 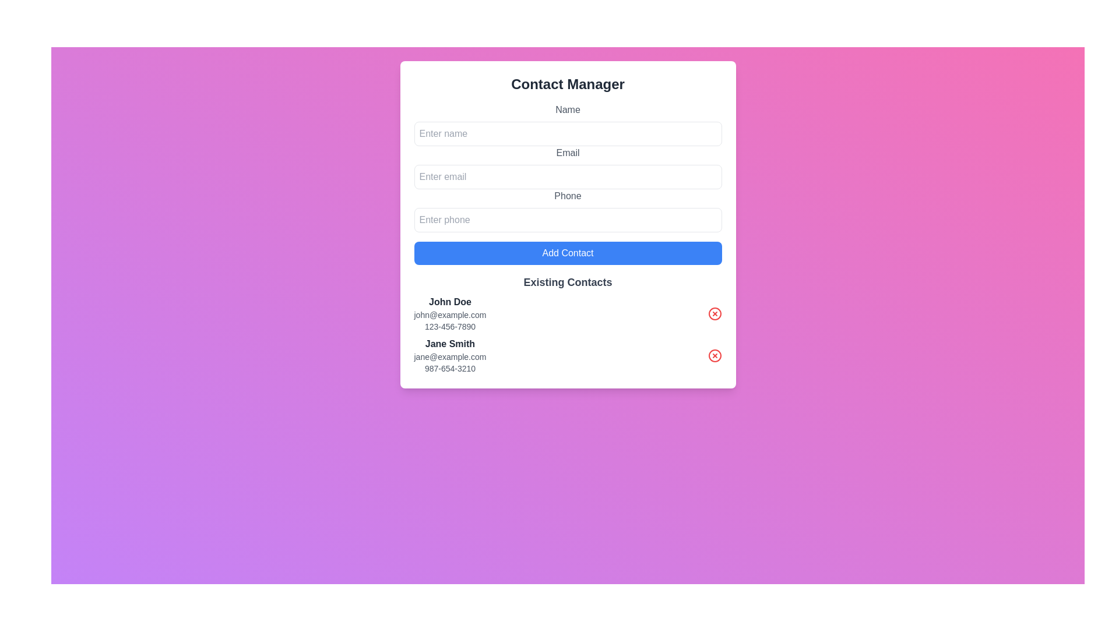 What do you see at coordinates (449, 314) in the screenshot?
I see `the Text element displaying the email address for contact 'John Doe', located in the 'Existing Contacts' section, positioned under their name and above their phone number` at bounding box center [449, 314].